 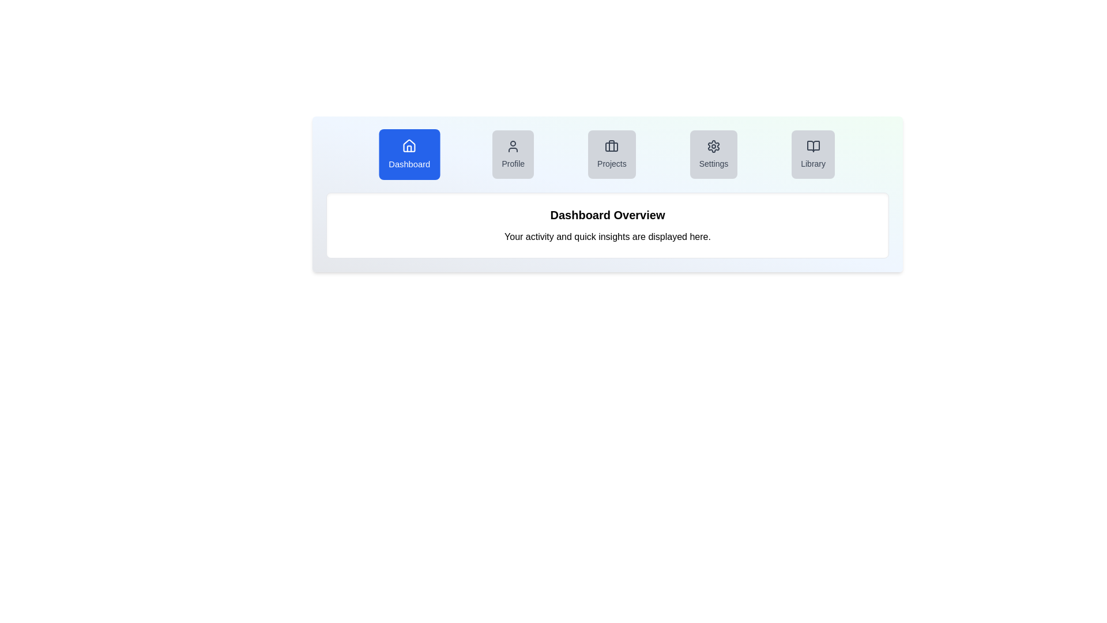 I want to click on the settings icon, which is centrally located within the 'Settings' button, so click(x=713, y=146).